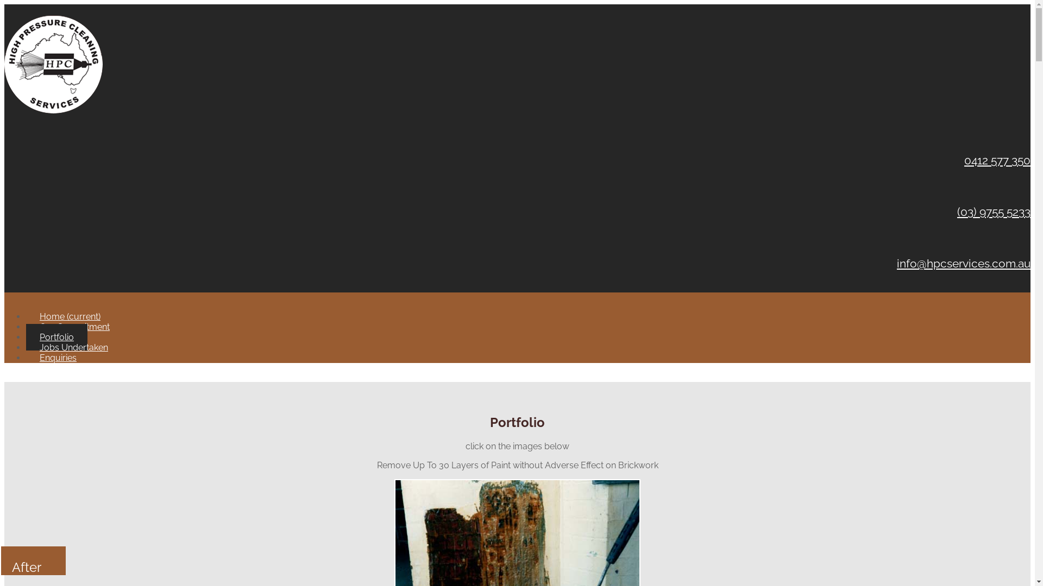 The image size is (1043, 586). Describe the element at coordinates (74, 326) in the screenshot. I see `'Our Commitment'` at that location.